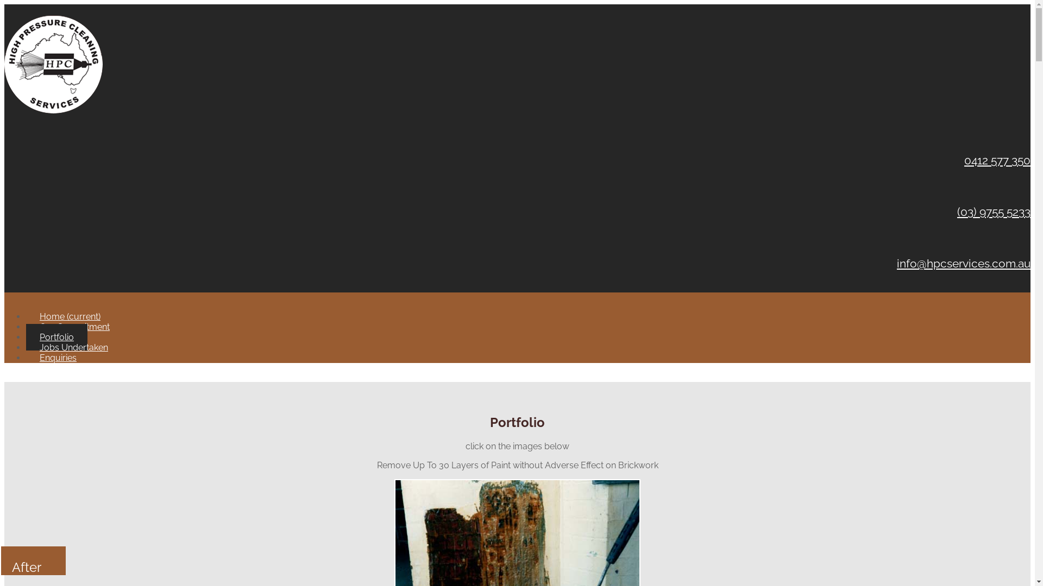 The image size is (1043, 586). Describe the element at coordinates (74, 326) in the screenshot. I see `'Our Commitment'` at that location.